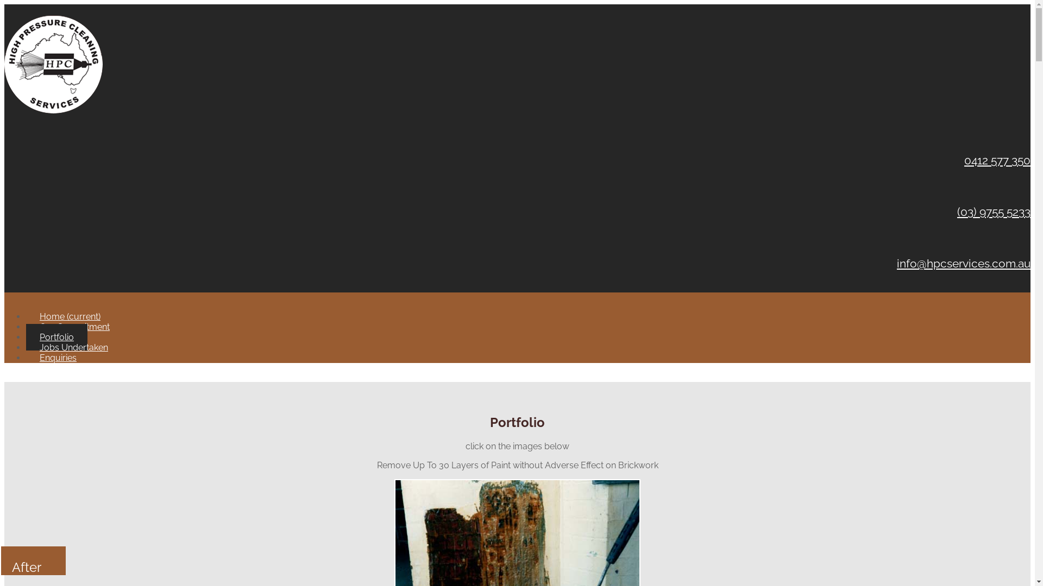 The image size is (1043, 586). Describe the element at coordinates (74, 326) in the screenshot. I see `'Our Commitment'` at that location.